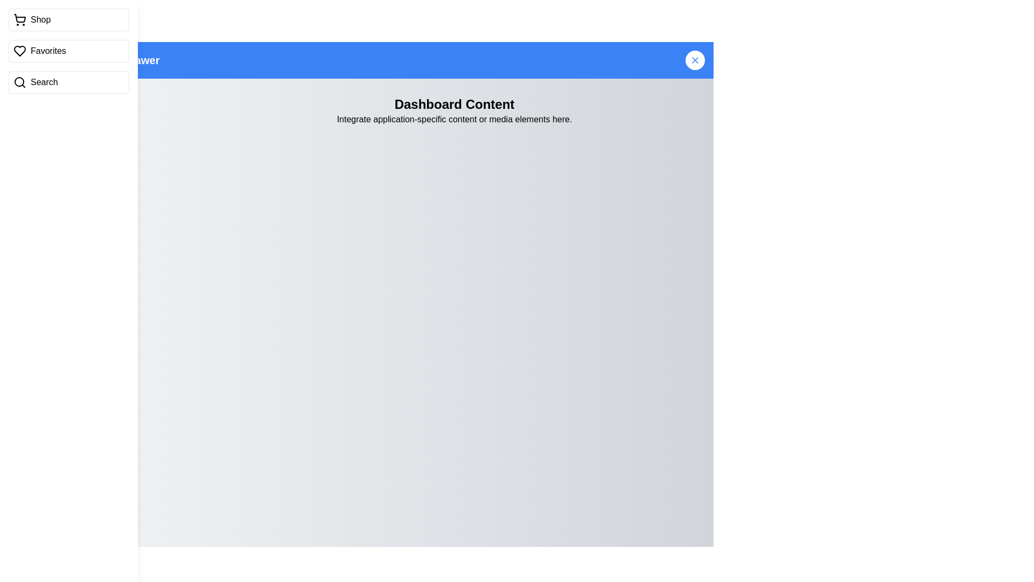 Image resolution: width=1034 pixels, height=582 pixels. Describe the element at coordinates (695, 60) in the screenshot. I see `the circular button with a blue 'X' icon located in the top-right corner of the blue bar` at that location.